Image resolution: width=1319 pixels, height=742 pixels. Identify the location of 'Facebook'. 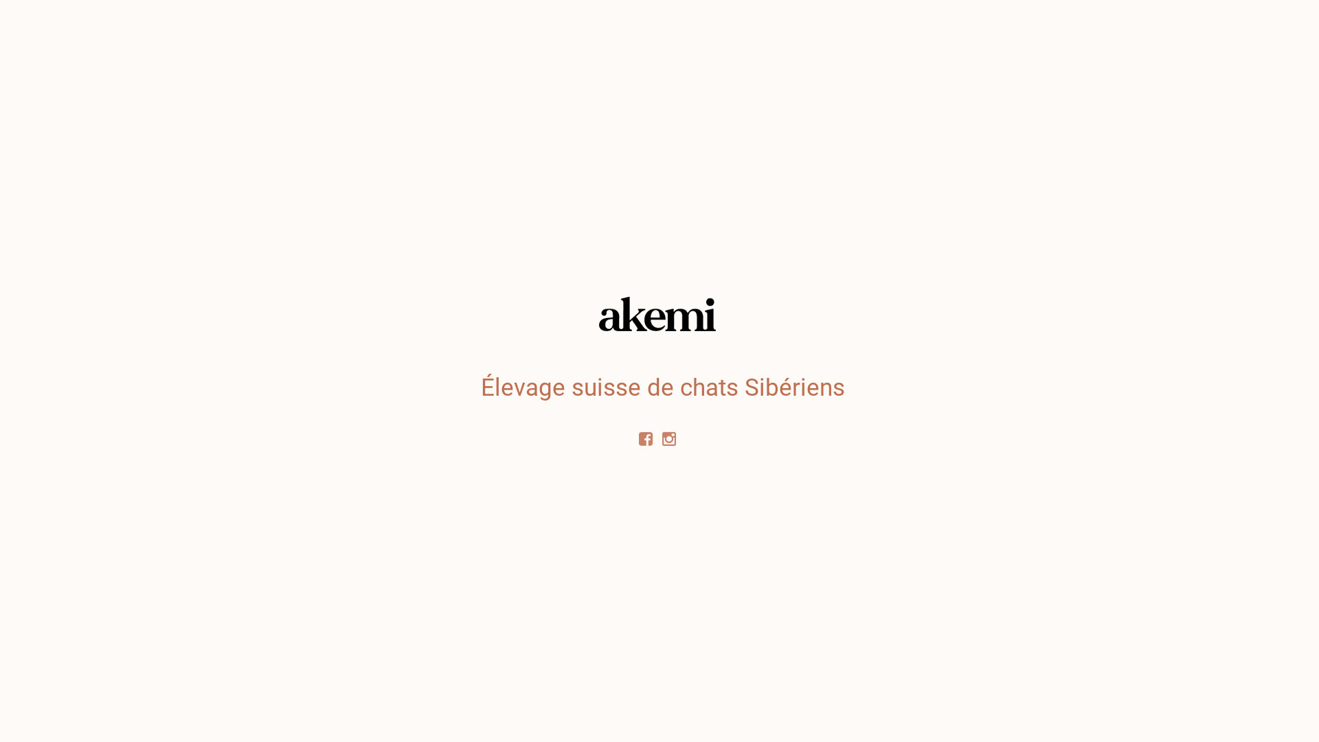
(634, 438).